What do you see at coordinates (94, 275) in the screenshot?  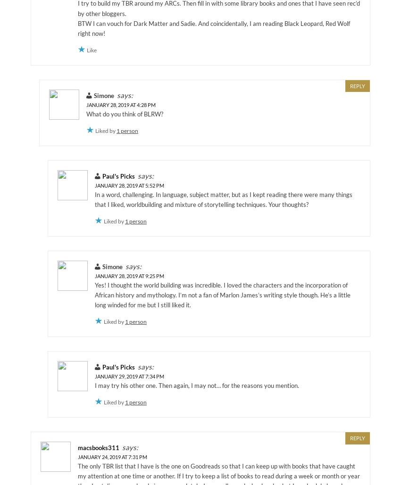 I see `'January 28, 2019 at 9:25 pm'` at bounding box center [94, 275].